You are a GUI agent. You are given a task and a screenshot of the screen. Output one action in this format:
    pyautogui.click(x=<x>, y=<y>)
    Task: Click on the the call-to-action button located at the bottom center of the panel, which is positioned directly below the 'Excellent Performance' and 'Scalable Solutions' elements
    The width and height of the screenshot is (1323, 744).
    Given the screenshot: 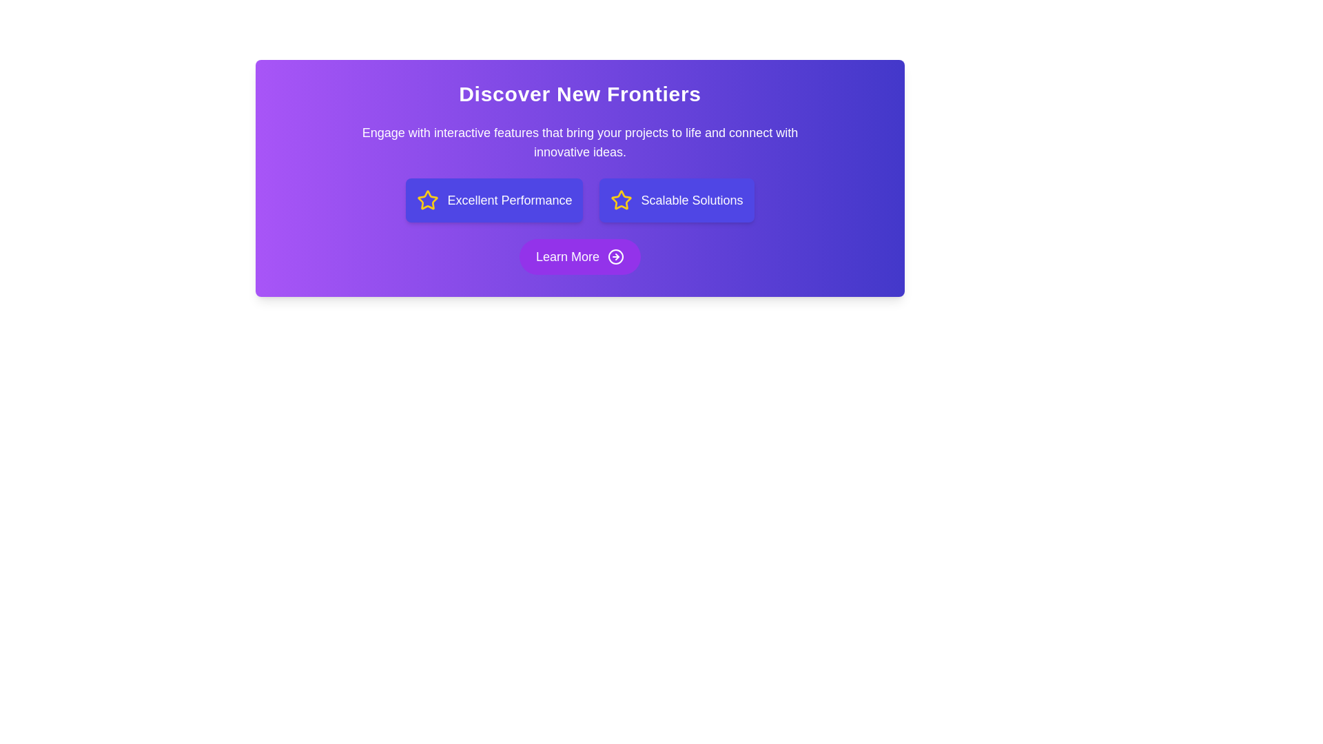 What is the action you would take?
    pyautogui.click(x=580, y=257)
    